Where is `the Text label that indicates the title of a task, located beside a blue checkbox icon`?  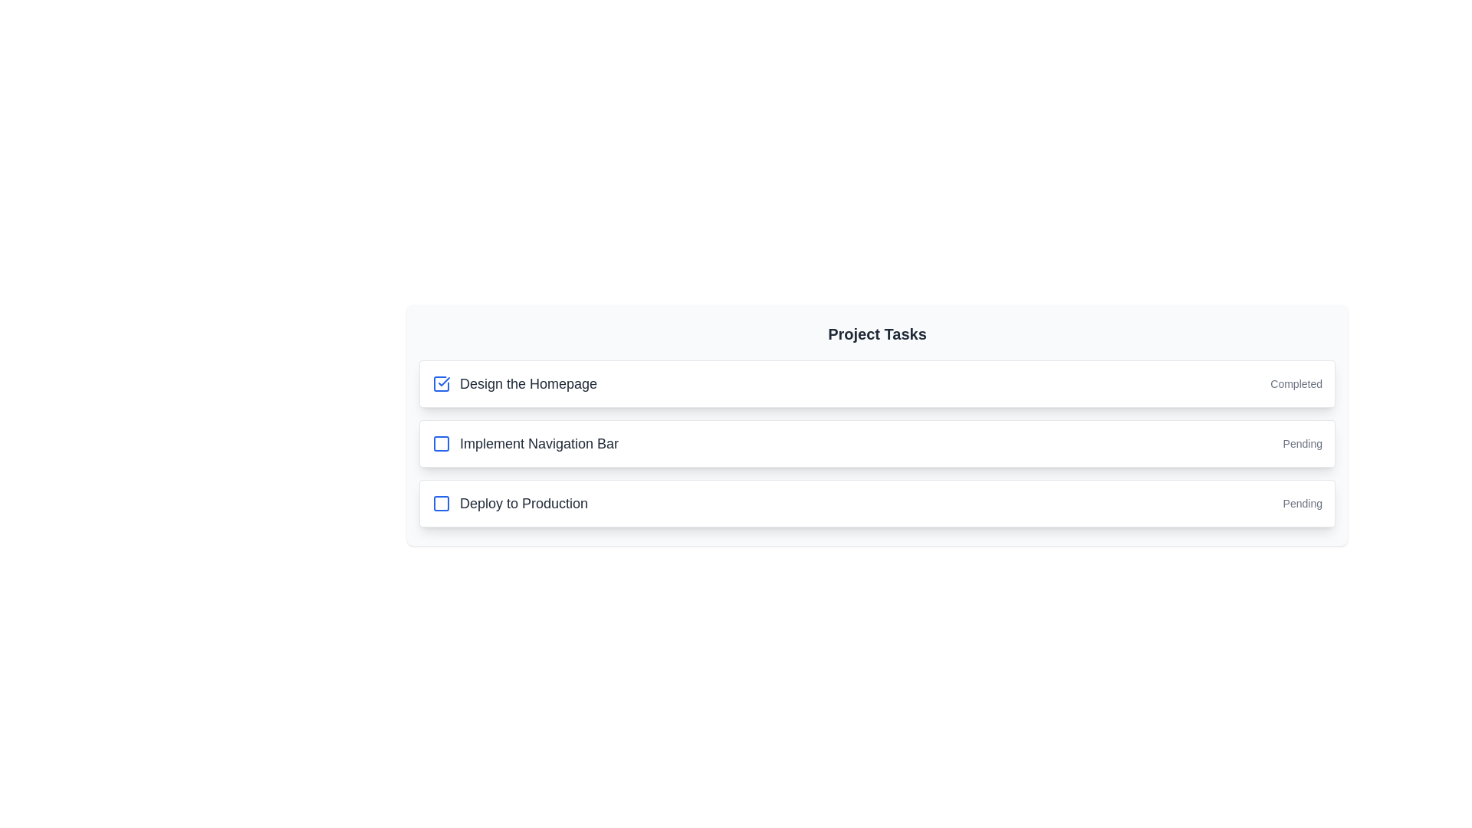 the Text label that indicates the title of a task, located beside a blue checkbox icon is located at coordinates (514, 383).